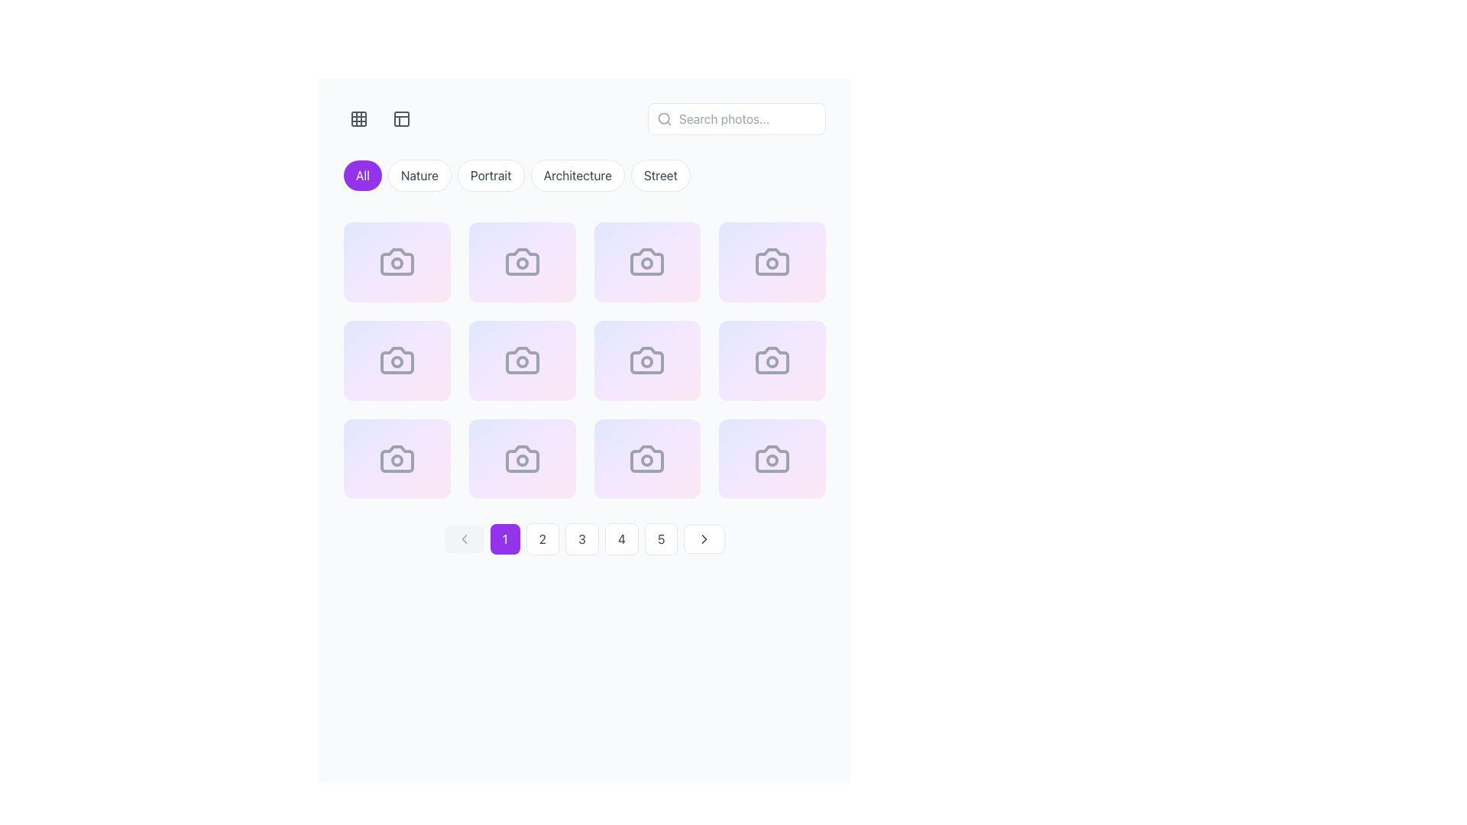 This screenshot has width=1467, height=825. I want to click on the toggle button located at the upper left corner of the interface to switch to grid view, so click(358, 118).